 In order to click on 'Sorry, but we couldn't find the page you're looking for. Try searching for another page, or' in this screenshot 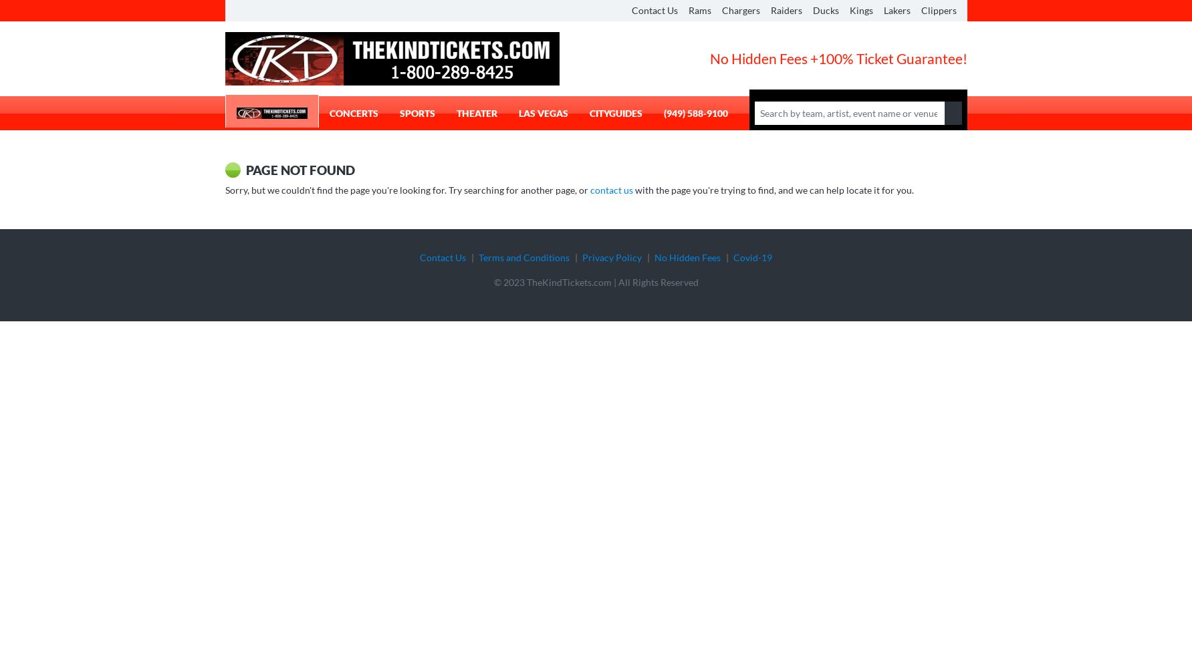, I will do `click(407, 189)`.